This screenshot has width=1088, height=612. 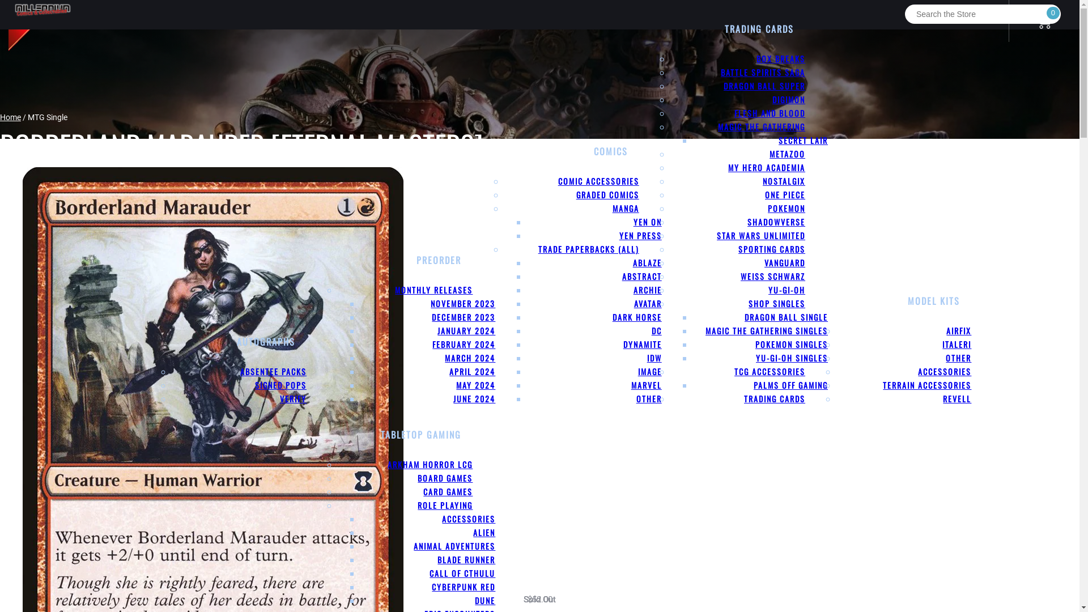 What do you see at coordinates (638, 371) in the screenshot?
I see `'IMAGE'` at bounding box center [638, 371].